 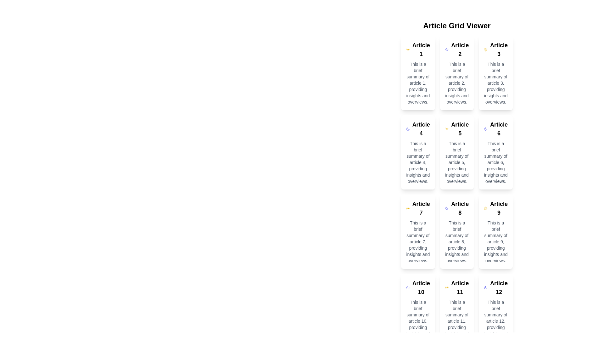 What do you see at coordinates (421, 288) in the screenshot?
I see `the text label 'Article 10', which serves as the header for the associated article card located in the fourth row and first column of the grid layout` at bounding box center [421, 288].